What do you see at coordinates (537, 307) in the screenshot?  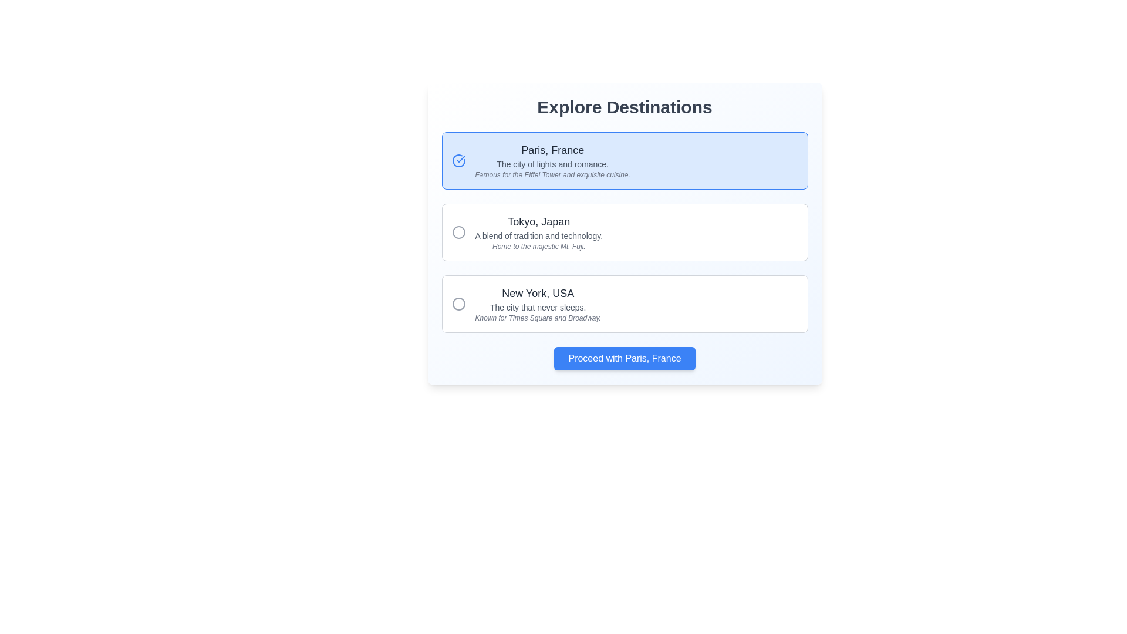 I see `the static text object styled with smaller, gray-colored text that serves as a descriptor for 'New York, USA', located directly beneath it` at bounding box center [537, 307].